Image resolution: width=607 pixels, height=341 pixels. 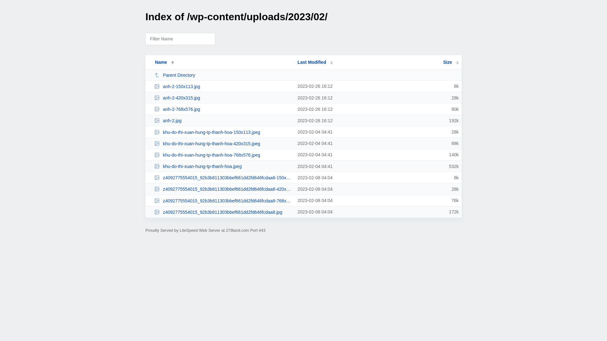 I want to click on 'z4092775554015_92b3b811303bbef661dd2fd646fcdaa8.jpg', so click(x=223, y=212).